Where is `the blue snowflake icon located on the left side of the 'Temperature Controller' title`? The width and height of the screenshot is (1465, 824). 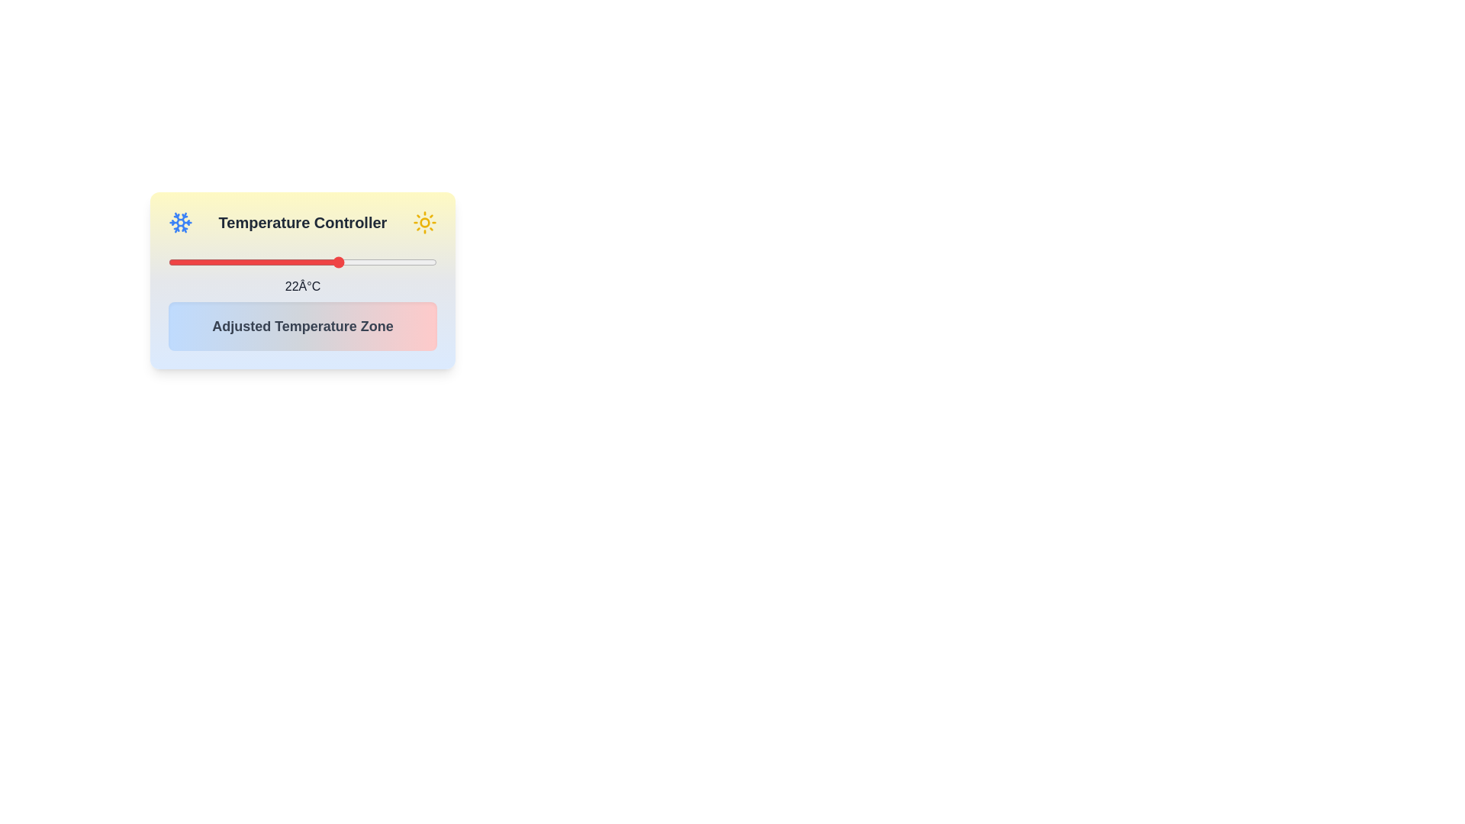
the blue snowflake icon located on the left side of the 'Temperature Controller' title is located at coordinates (180, 223).